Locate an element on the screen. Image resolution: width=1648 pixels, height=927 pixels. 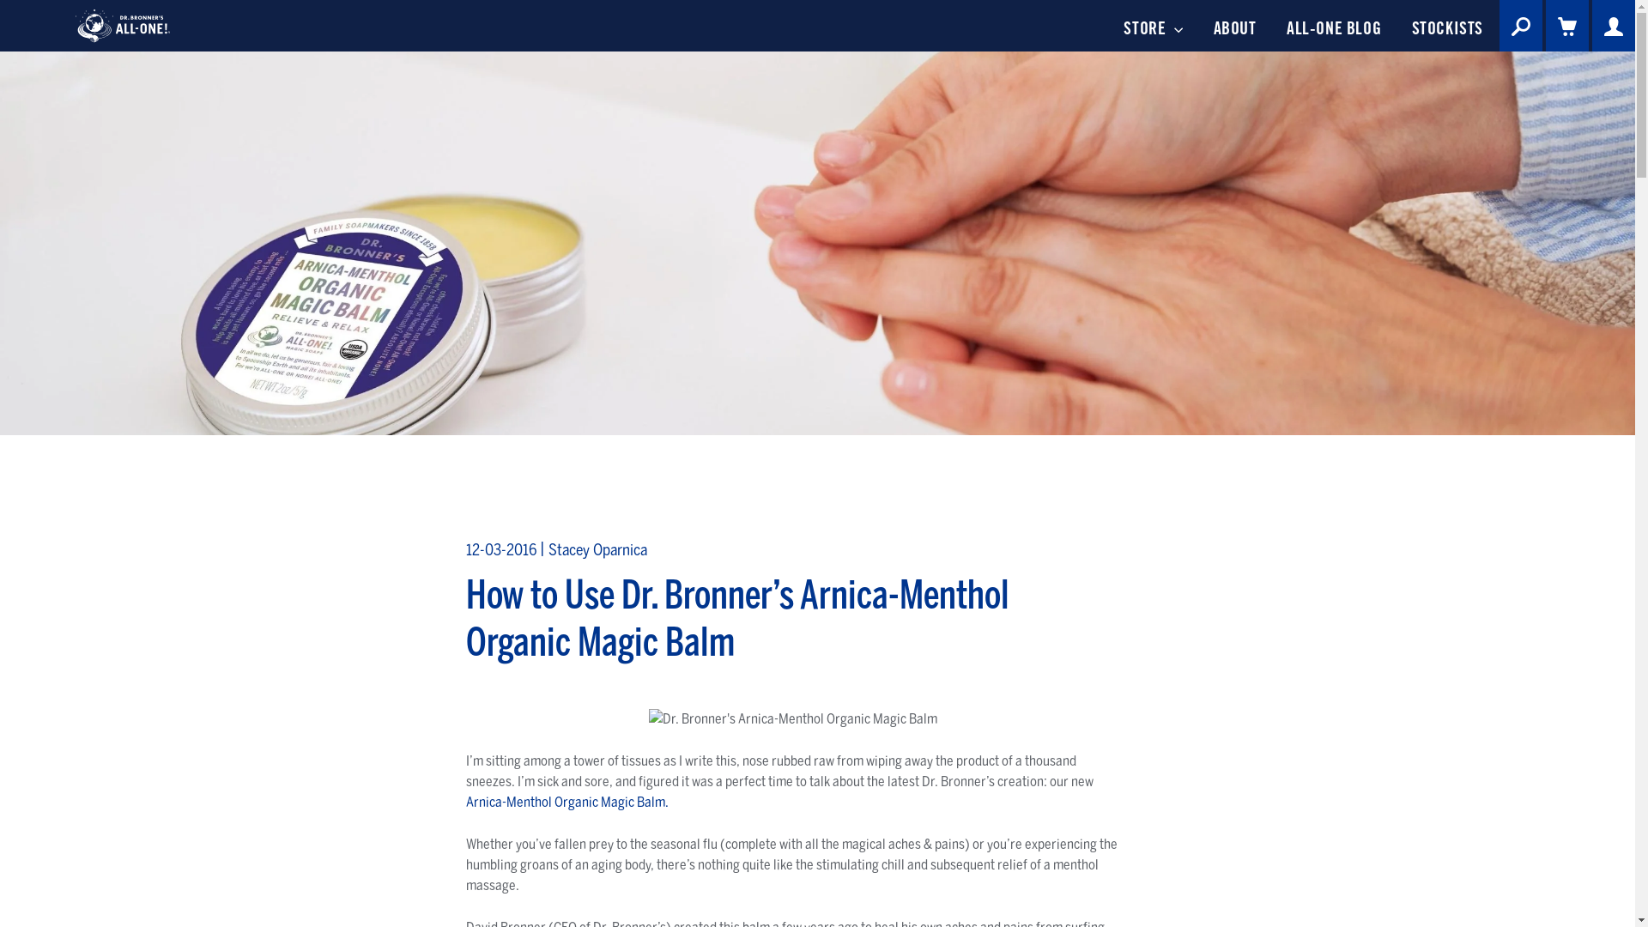
'STORE' is located at coordinates (1153, 26).